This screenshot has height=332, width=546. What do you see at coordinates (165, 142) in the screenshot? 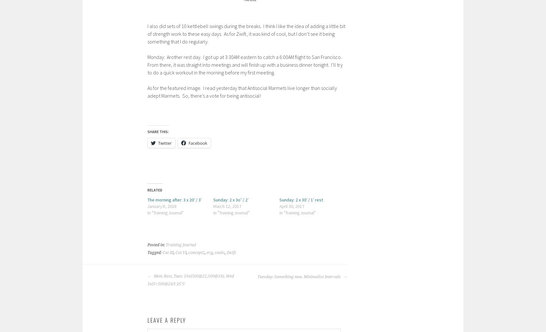
I see `'Twitter'` at bounding box center [165, 142].